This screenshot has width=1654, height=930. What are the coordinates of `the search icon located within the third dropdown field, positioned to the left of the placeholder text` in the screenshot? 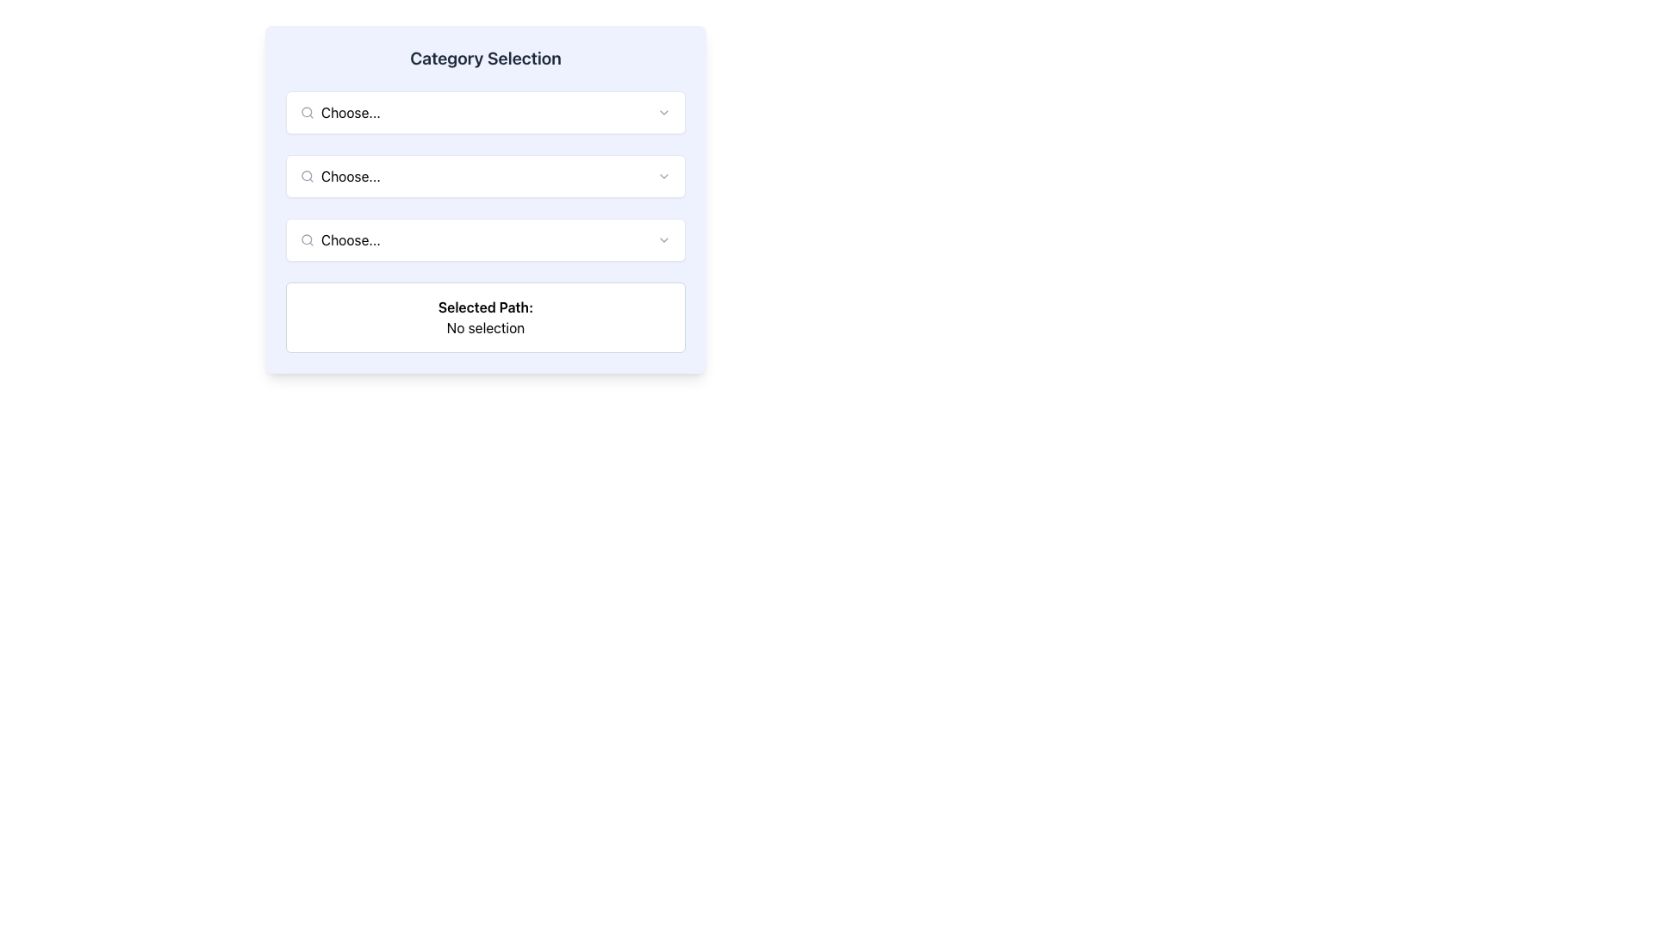 It's located at (307, 239).